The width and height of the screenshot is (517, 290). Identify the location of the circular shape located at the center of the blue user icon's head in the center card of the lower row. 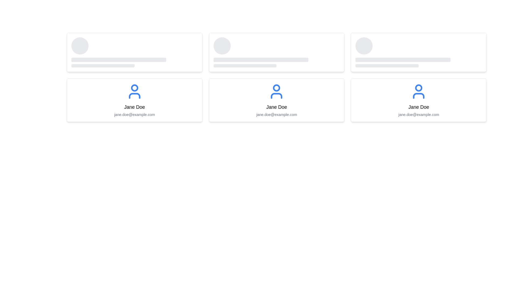
(134, 88).